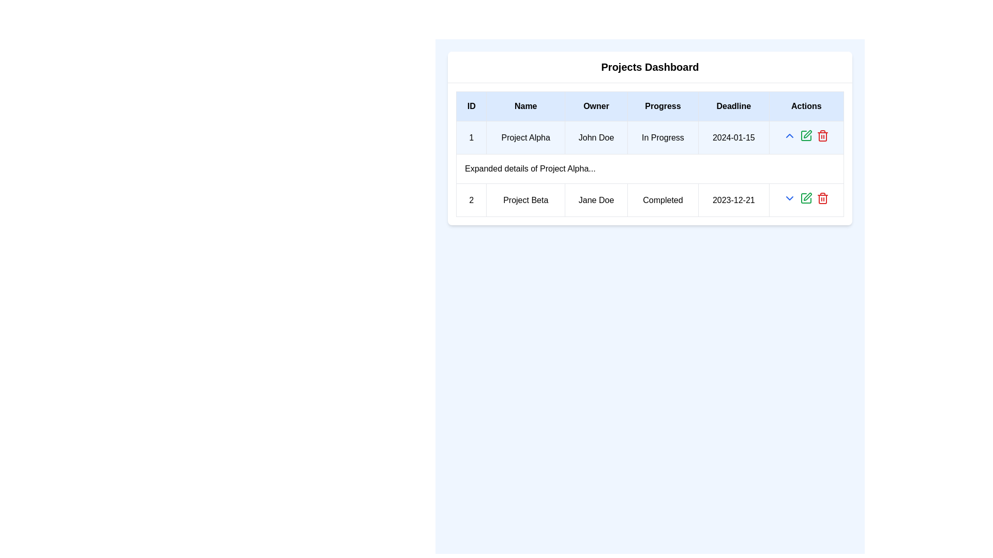  Describe the element at coordinates (789, 135) in the screenshot. I see `the upward action button located in the second row under the actions column of the displayed table` at that location.